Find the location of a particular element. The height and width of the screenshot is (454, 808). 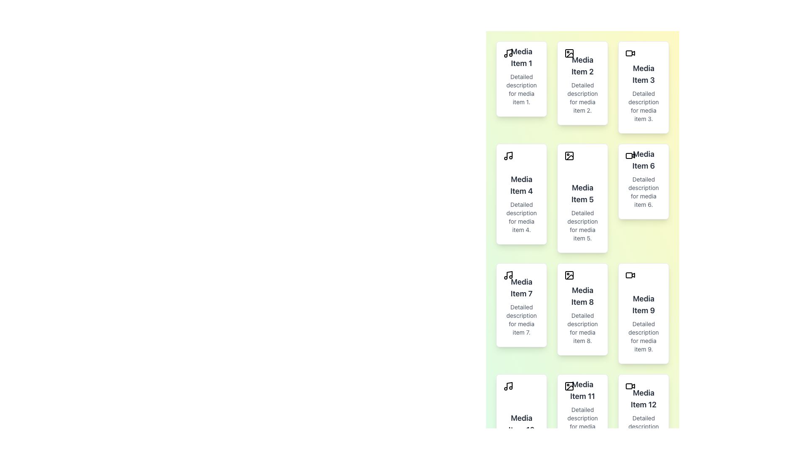

title text 'Media Item 1' which is a bold-text label located at the top of the first card in the grid layout, featuring a music note icon is located at coordinates (521, 57).